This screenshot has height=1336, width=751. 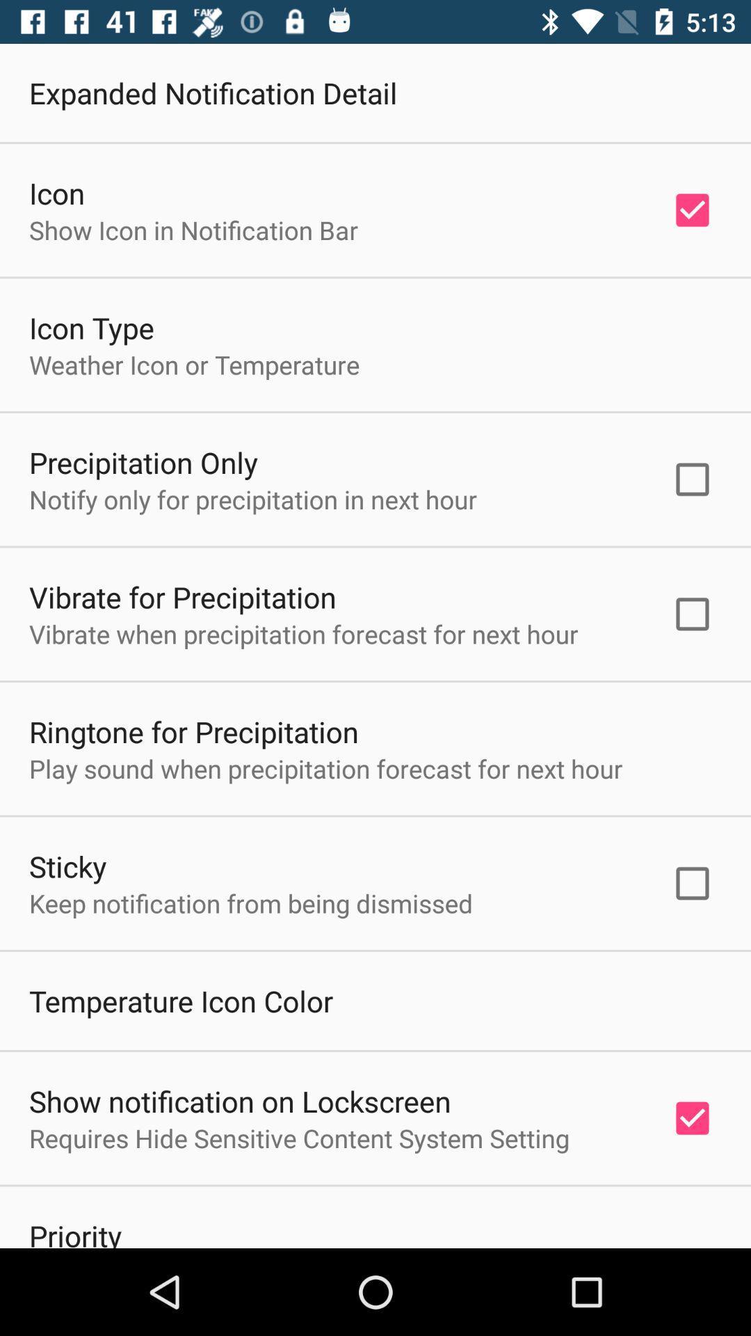 What do you see at coordinates (253, 499) in the screenshot?
I see `the icon above the vibrate for precipitation icon` at bounding box center [253, 499].